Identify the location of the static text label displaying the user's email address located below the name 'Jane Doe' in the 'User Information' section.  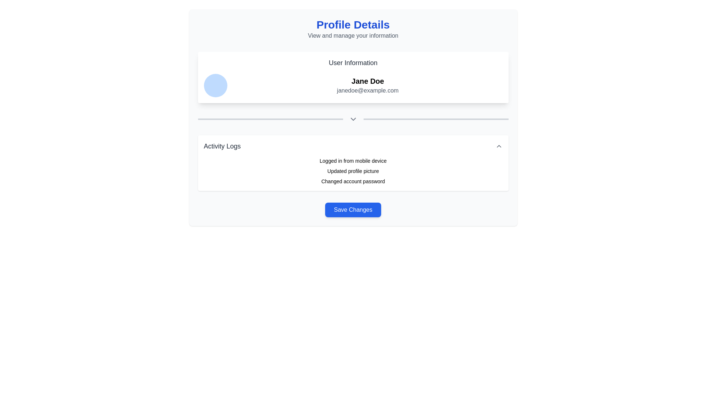
(368, 90).